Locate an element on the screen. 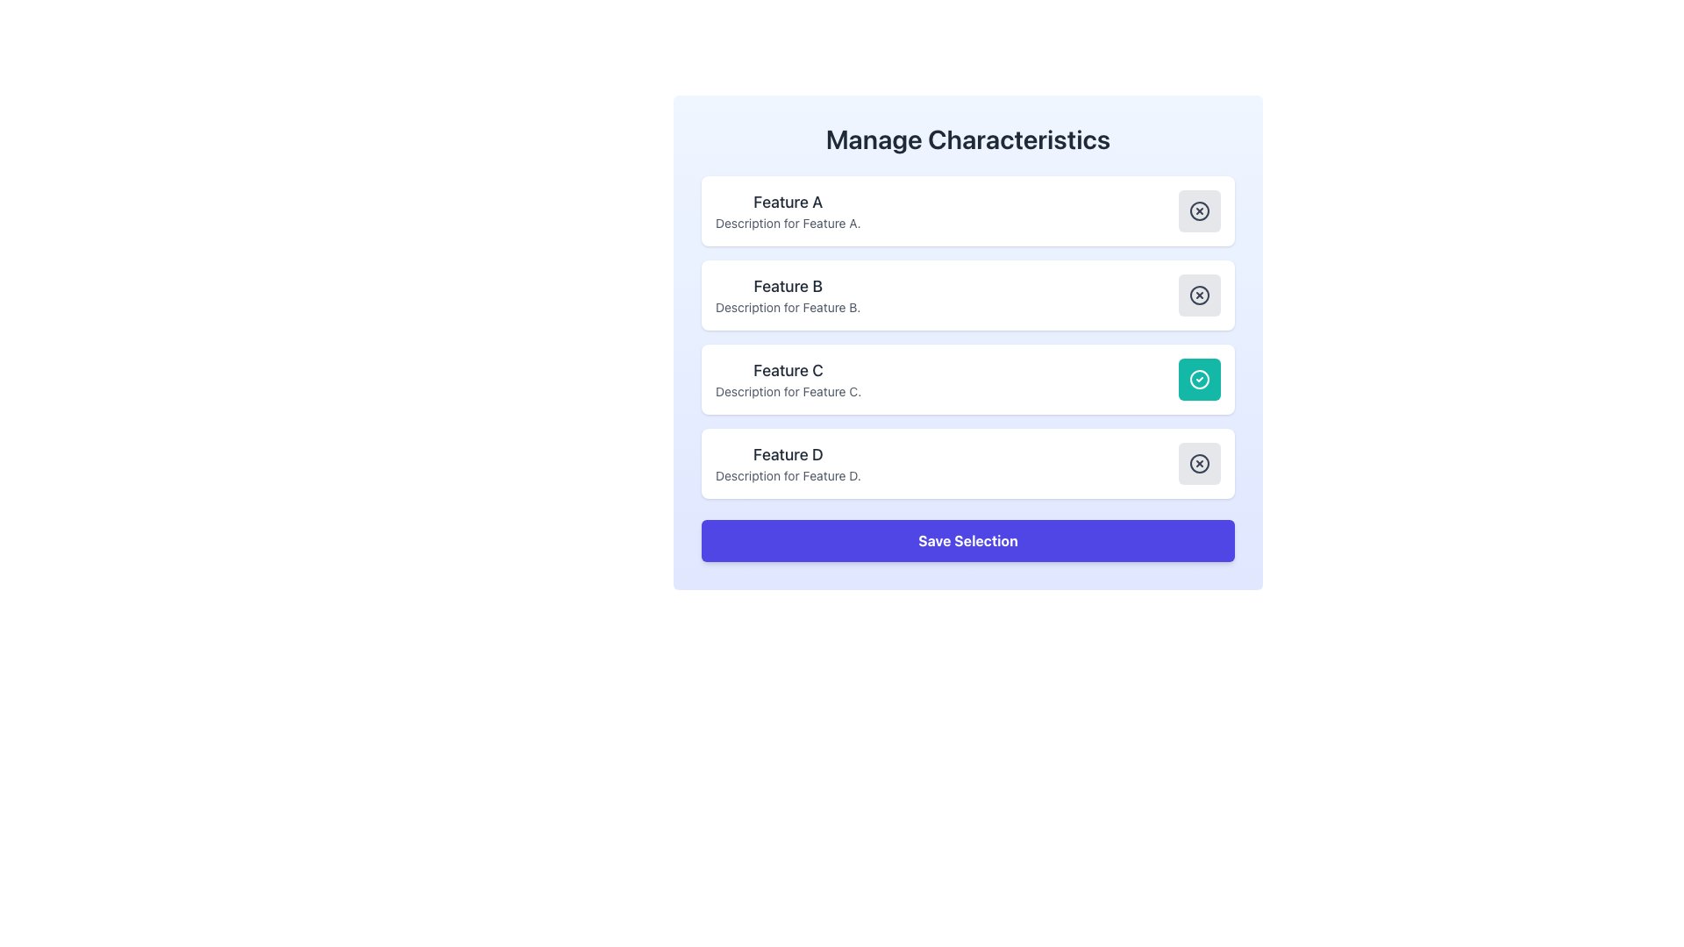  the Text Label that serves as the header for identifying a specific feature in the list under 'Manage Characteristics.' is located at coordinates (787, 202).